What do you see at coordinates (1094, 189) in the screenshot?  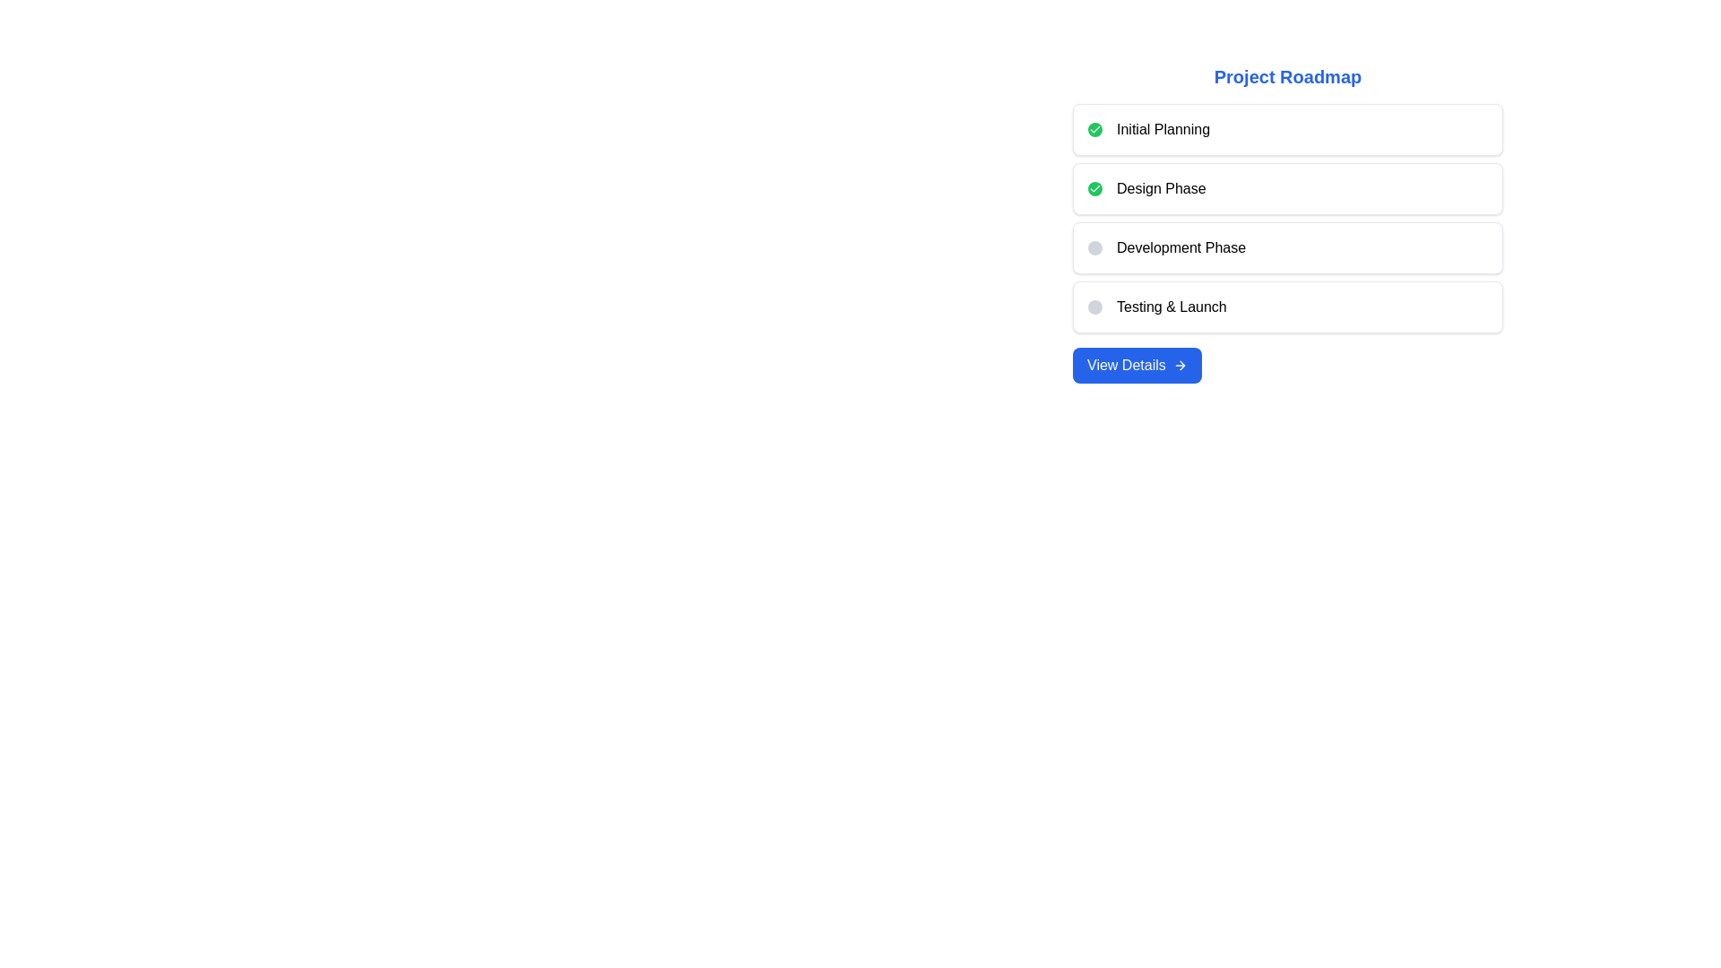 I see `the completion icon for the 'Initial Planning' stage located to the left of the text in the 'Project Roadmap' list` at bounding box center [1094, 189].